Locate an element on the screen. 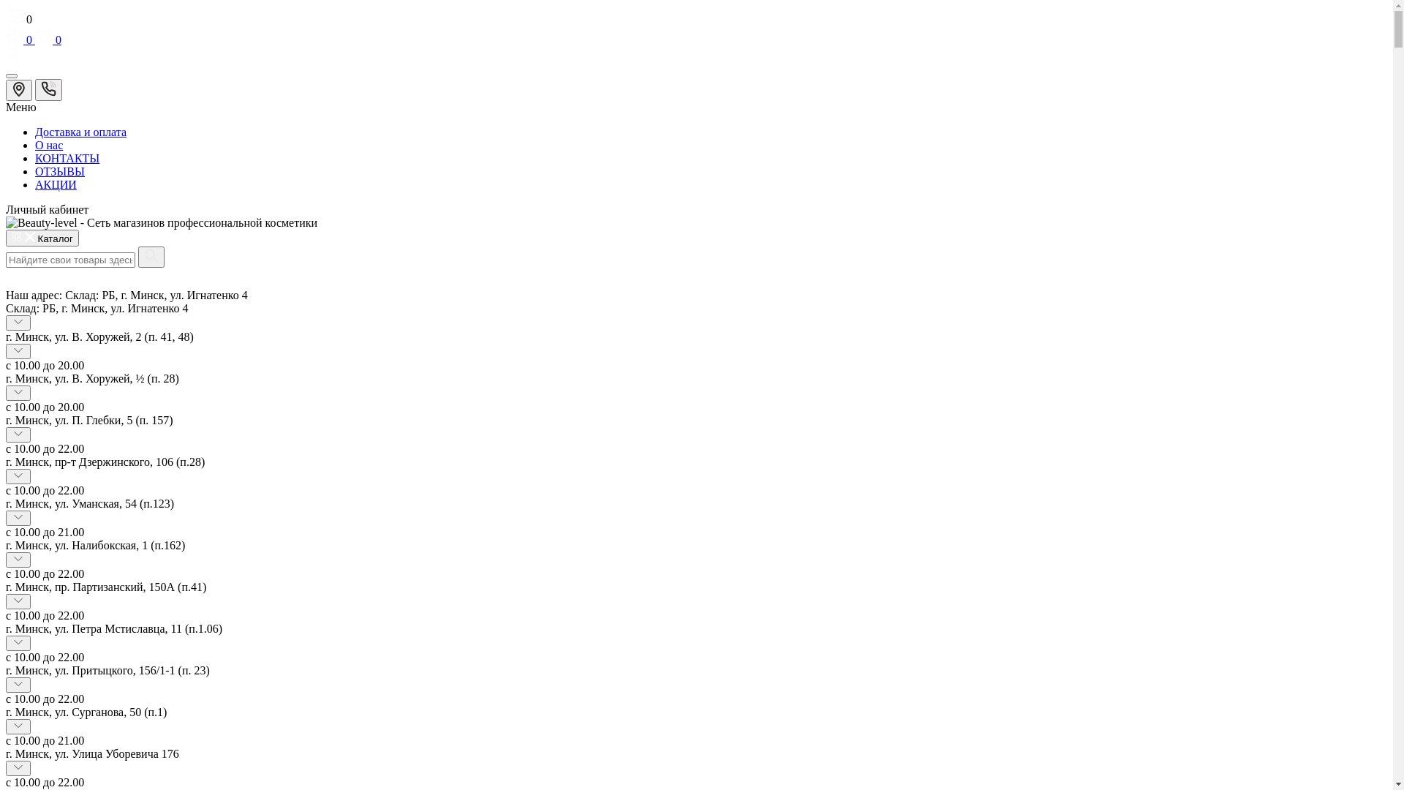 Image resolution: width=1404 pixels, height=790 pixels. '0' is located at coordinates (20, 39).